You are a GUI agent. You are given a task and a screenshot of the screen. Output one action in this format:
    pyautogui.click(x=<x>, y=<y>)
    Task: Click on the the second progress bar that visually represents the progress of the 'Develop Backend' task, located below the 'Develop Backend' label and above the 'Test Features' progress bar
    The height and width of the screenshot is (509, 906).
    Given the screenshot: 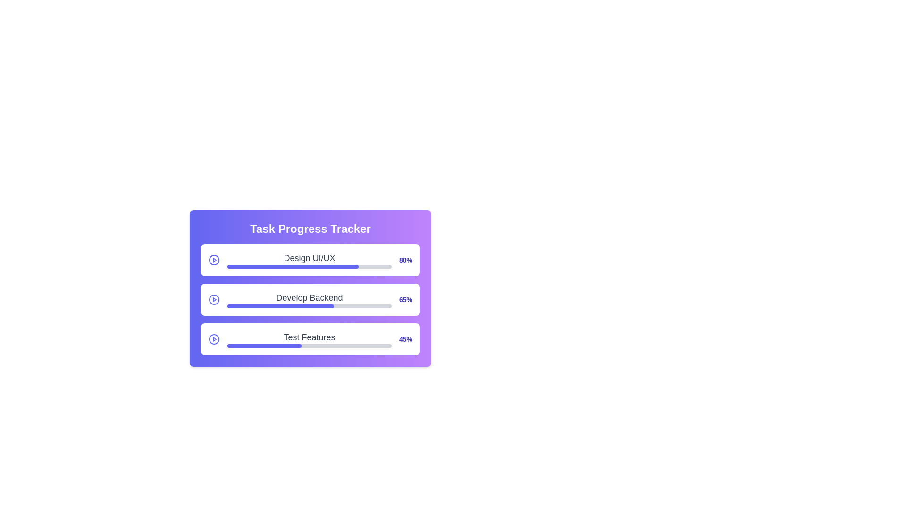 What is the action you would take?
    pyautogui.click(x=310, y=306)
    